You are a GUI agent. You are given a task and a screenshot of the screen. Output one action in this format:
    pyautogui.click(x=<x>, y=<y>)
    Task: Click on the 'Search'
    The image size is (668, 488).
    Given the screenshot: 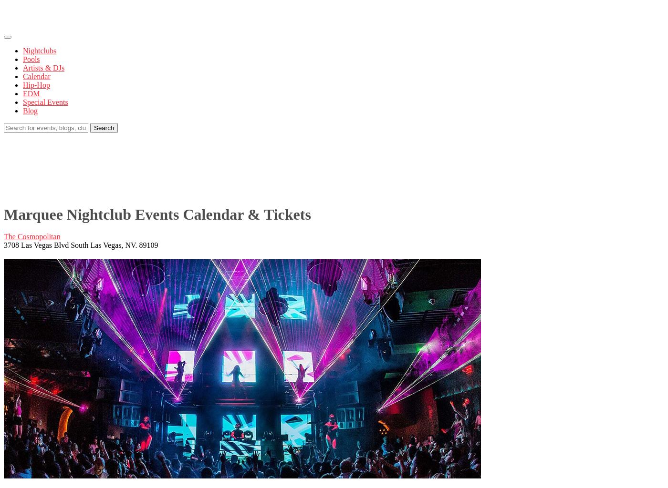 What is the action you would take?
    pyautogui.click(x=104, y=127)
    